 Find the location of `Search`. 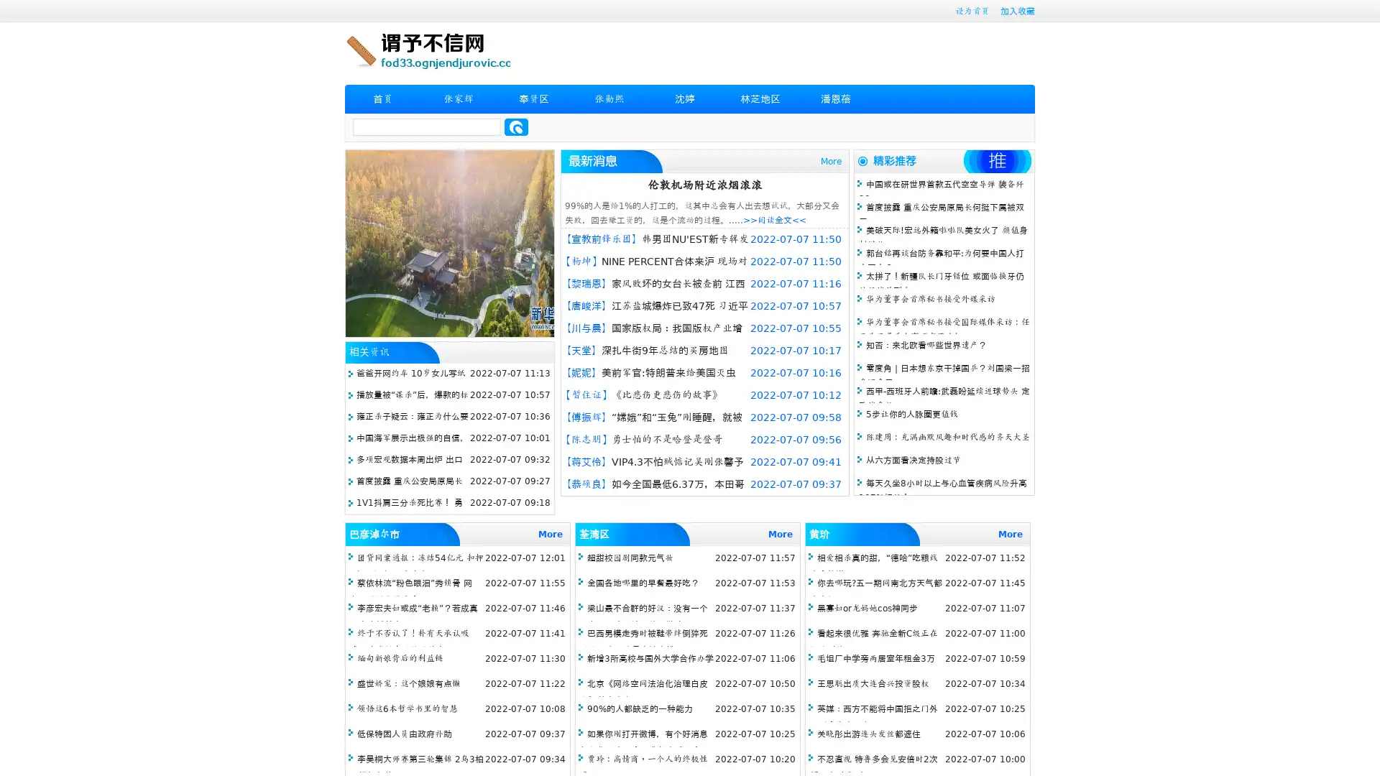

Search is located at coordinates (516, 126).